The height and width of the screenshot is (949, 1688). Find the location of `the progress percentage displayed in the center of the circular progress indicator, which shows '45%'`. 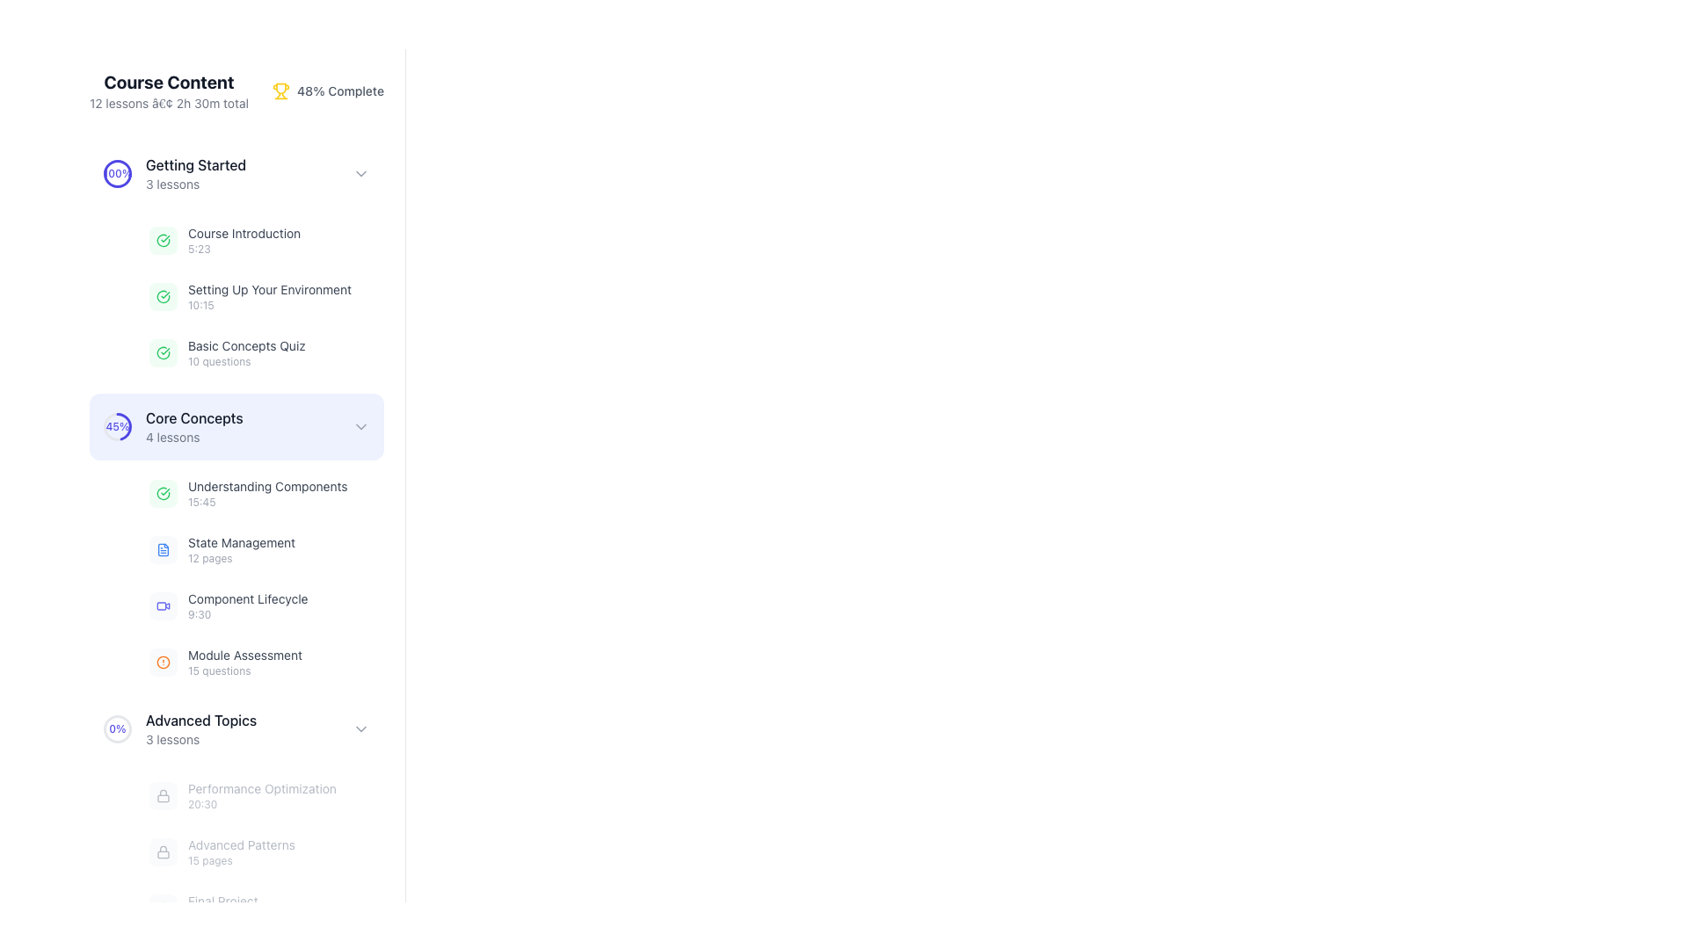

the progress percentage displayed in the center of the circular progress indicator, which shows '45%' is located at coordinates (117, 427).